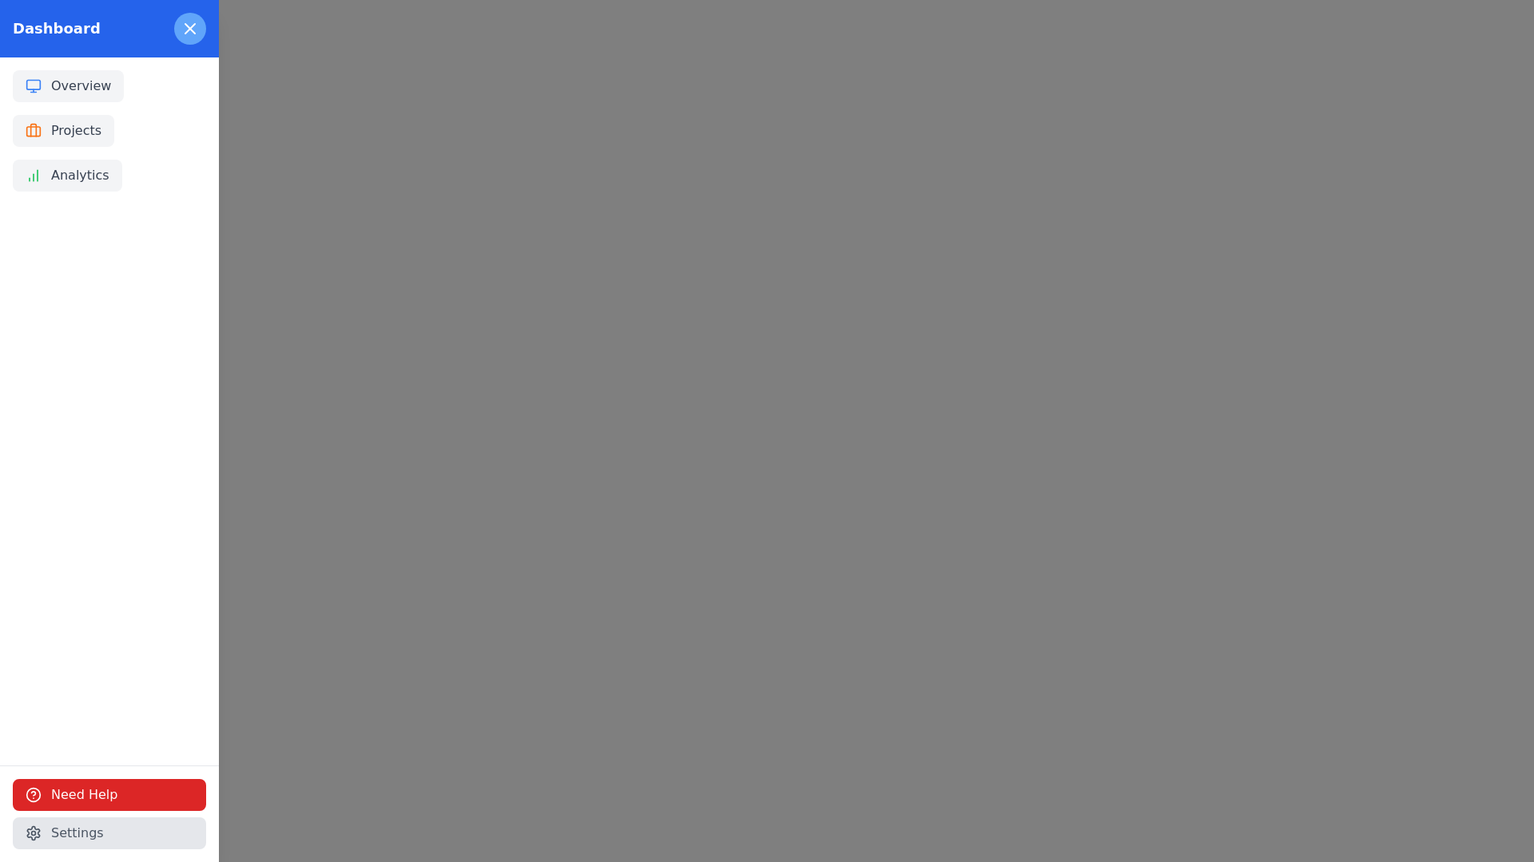 The height and width of the screenshot is (862, 1534). I want to click on the Close Button located at the upper-right corner of the left sidebar, so click(190, 28).